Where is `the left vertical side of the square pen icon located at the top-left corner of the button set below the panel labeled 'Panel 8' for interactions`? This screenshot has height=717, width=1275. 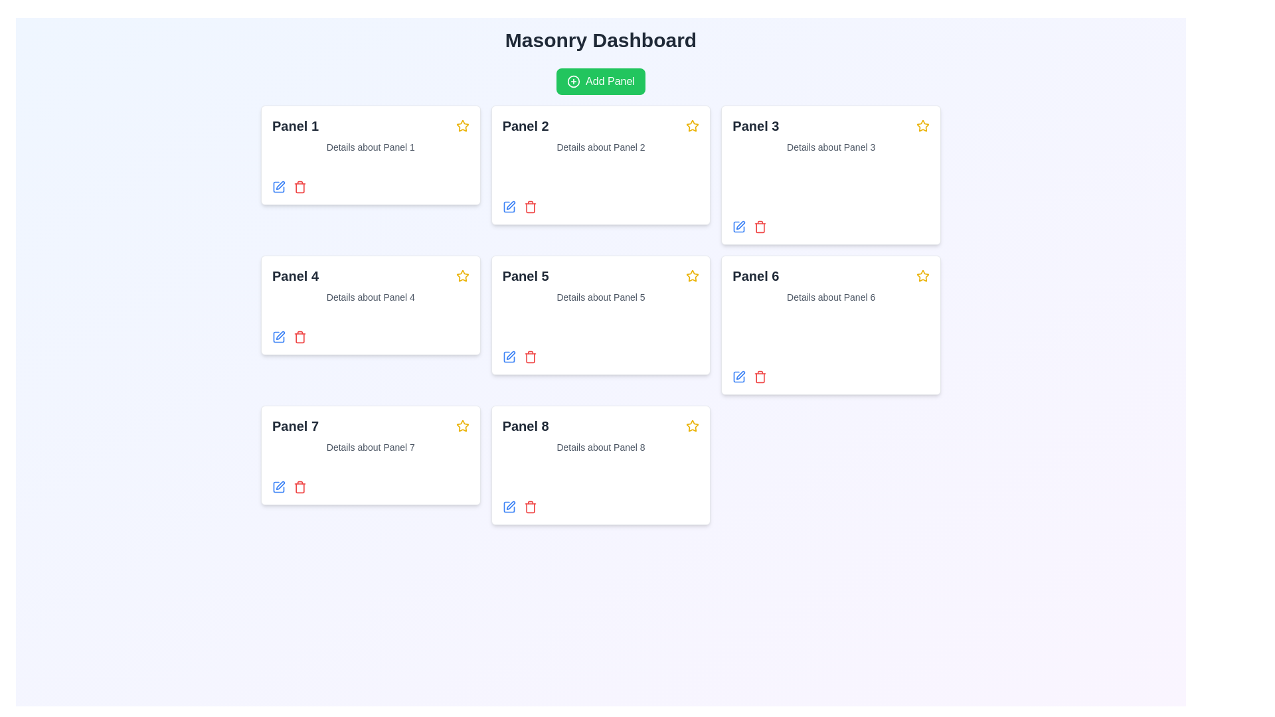
the left vertical side of the square pen icon located at the top-left corner of the button set below the panel labeled 'Panel 8' for interactions is located at coordinates (508, 207).